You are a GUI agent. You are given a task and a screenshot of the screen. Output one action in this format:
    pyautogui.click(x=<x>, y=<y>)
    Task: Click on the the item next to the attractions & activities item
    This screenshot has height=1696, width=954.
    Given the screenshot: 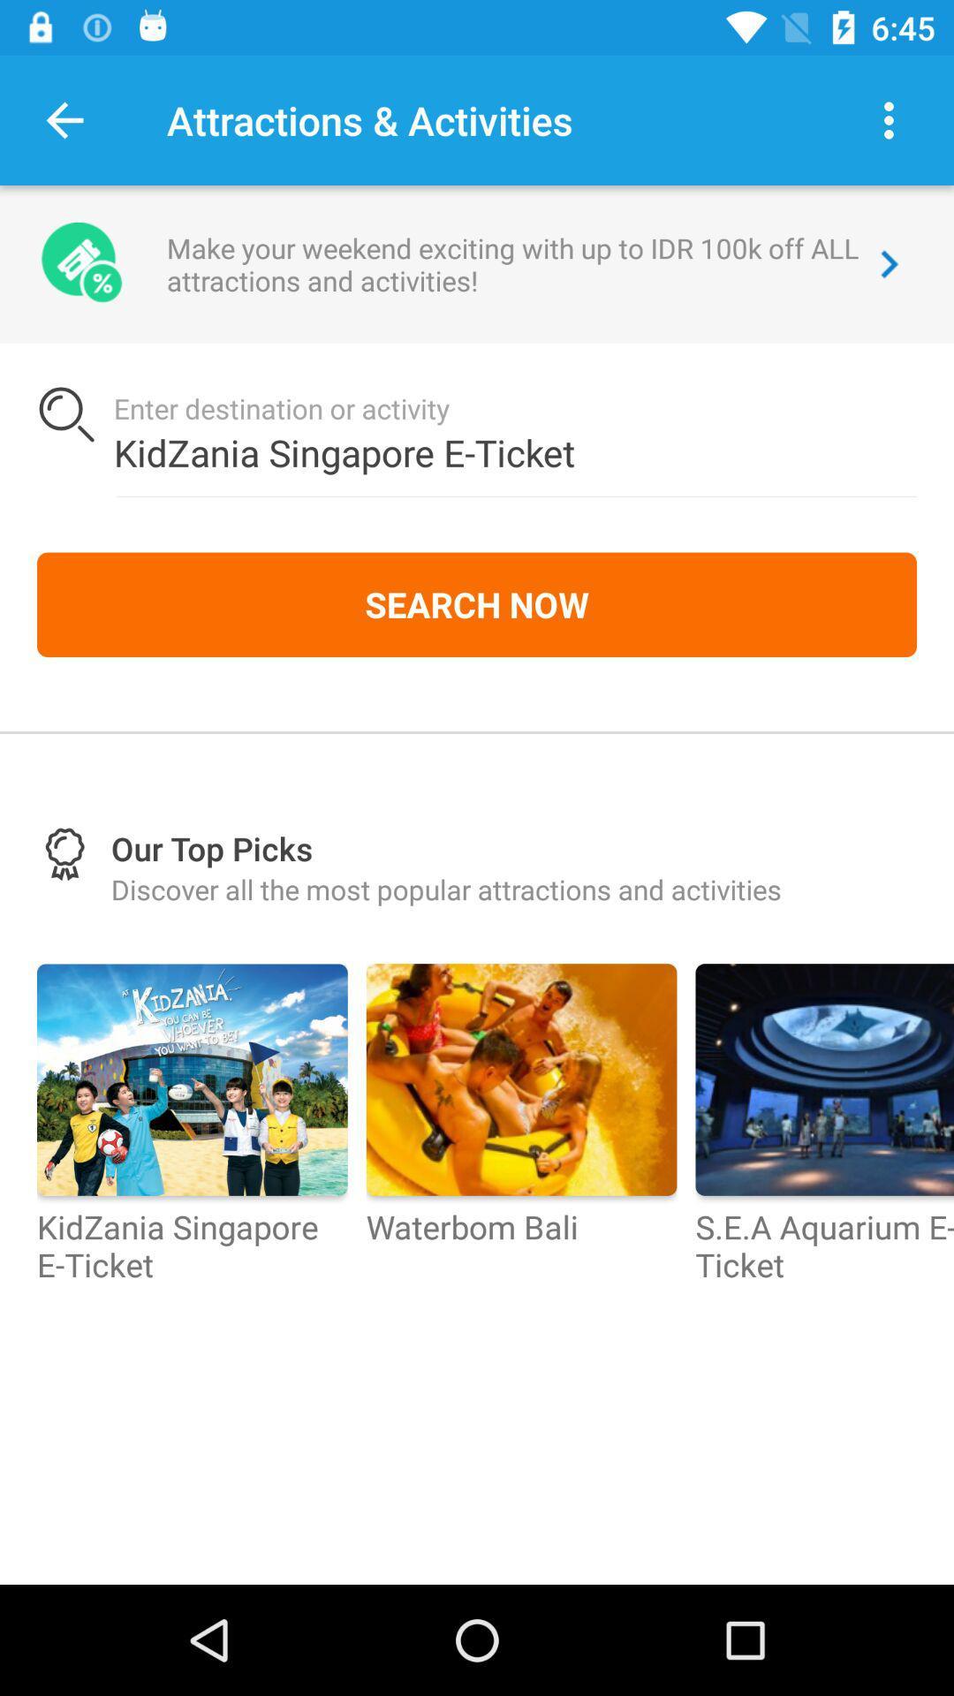 What is the action you would take?
    pyautogui.click(x=64, y=119)
    